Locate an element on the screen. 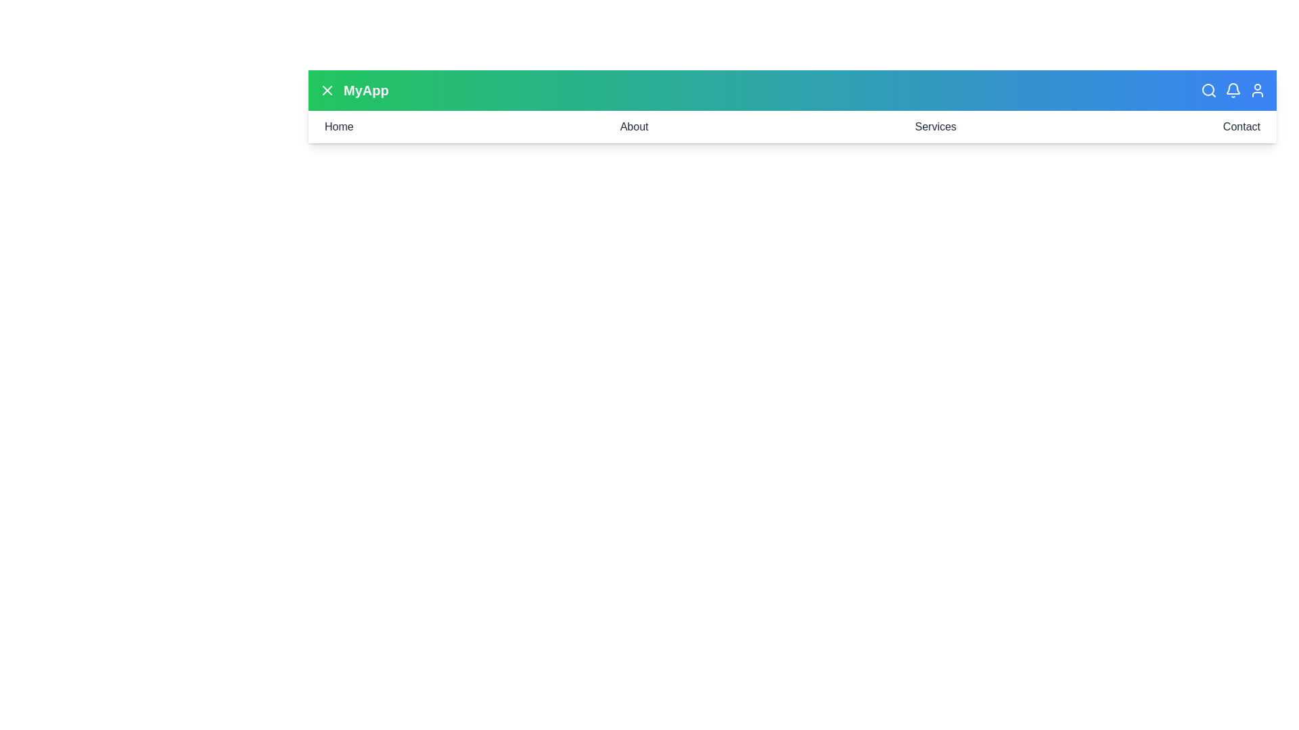 The image size is (1299, 730). the menu item Contact to navigate to the corresponding section is located at coordinates (1241, 127).